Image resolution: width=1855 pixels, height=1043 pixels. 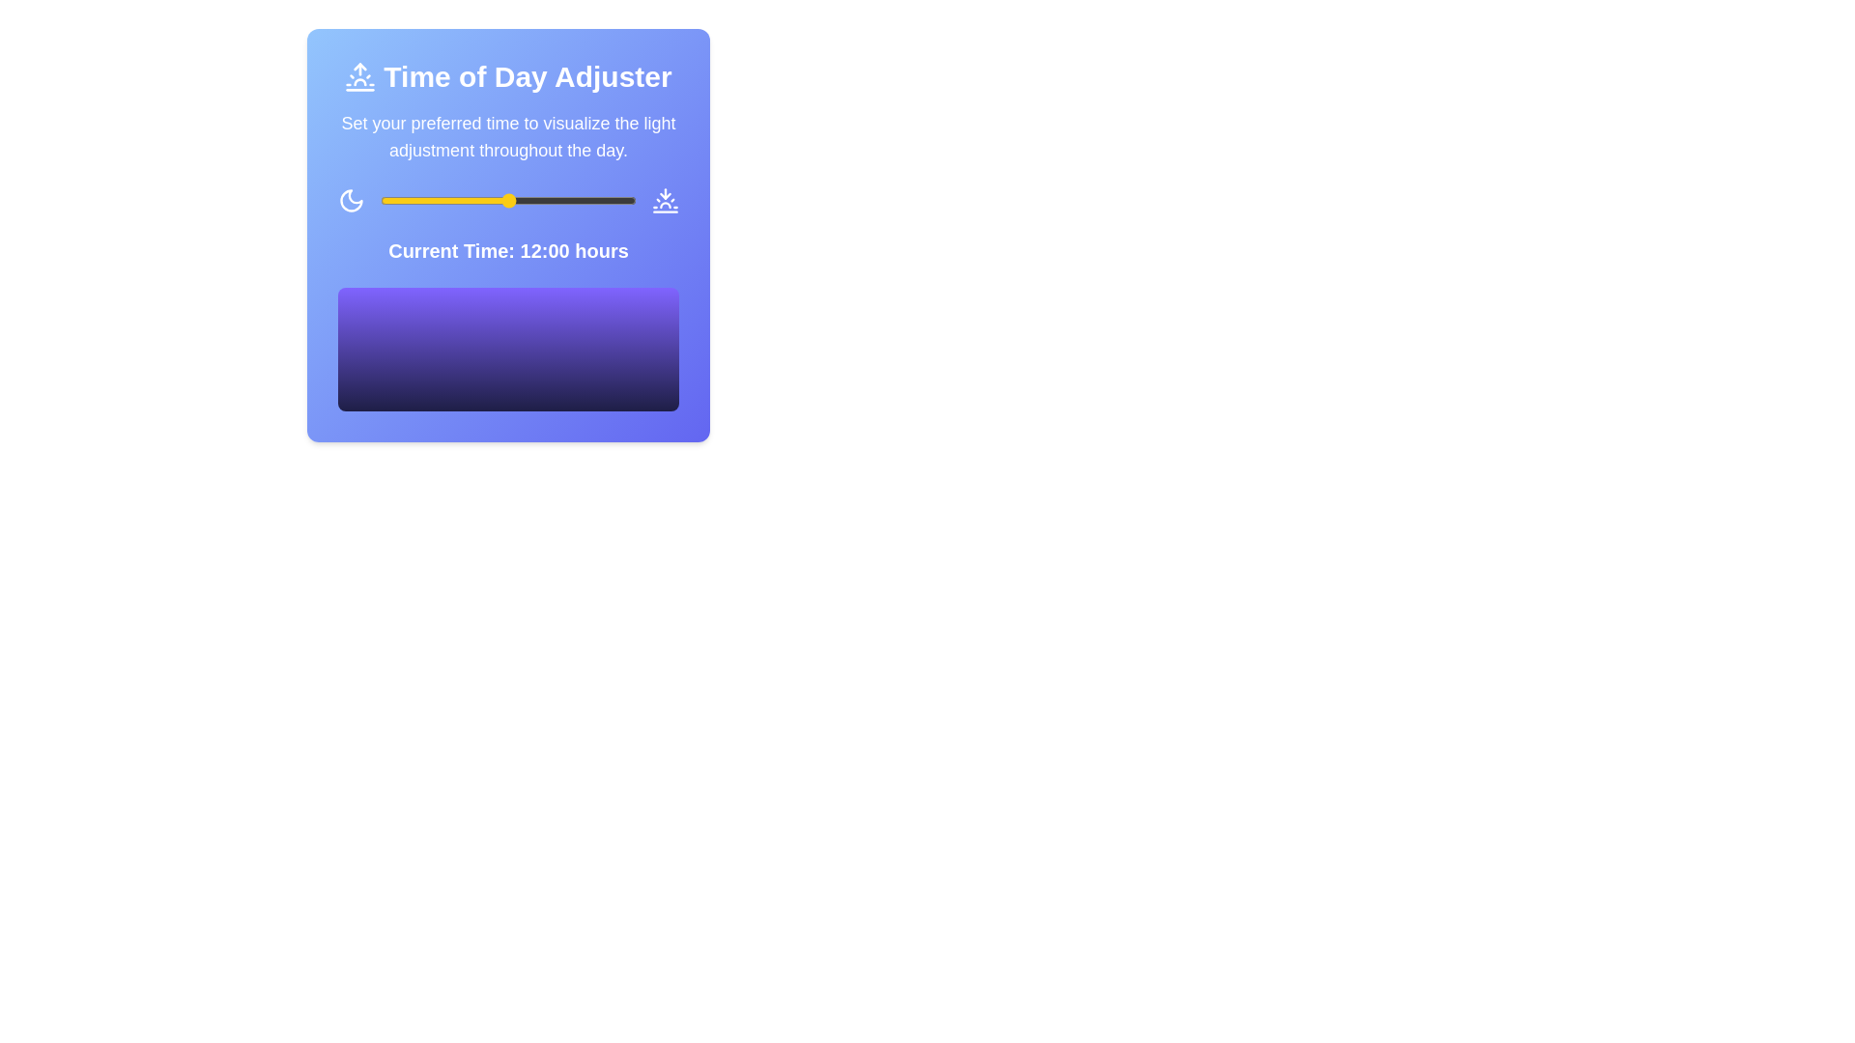 I want to click on the time slider to set the time to 17 hours, so click(x=560, y=201).